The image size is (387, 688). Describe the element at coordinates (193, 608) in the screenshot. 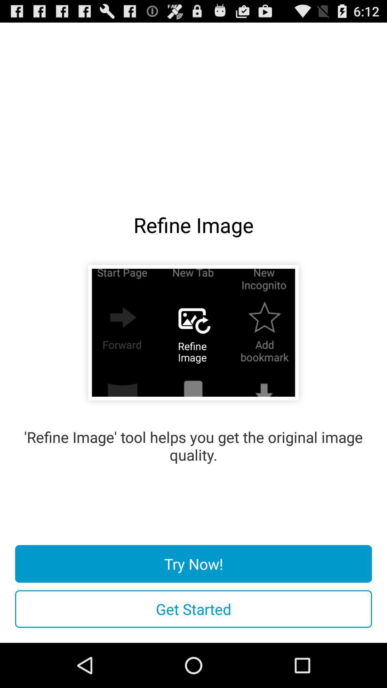

I see `get started button` at that location.